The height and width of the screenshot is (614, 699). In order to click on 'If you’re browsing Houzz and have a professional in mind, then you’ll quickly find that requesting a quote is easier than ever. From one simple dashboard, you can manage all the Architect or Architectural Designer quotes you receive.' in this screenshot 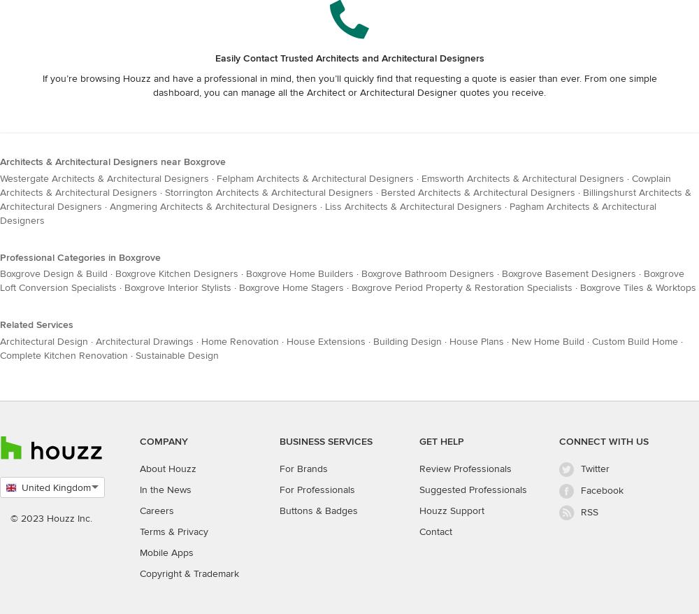, I will do `click(348, 84)`.